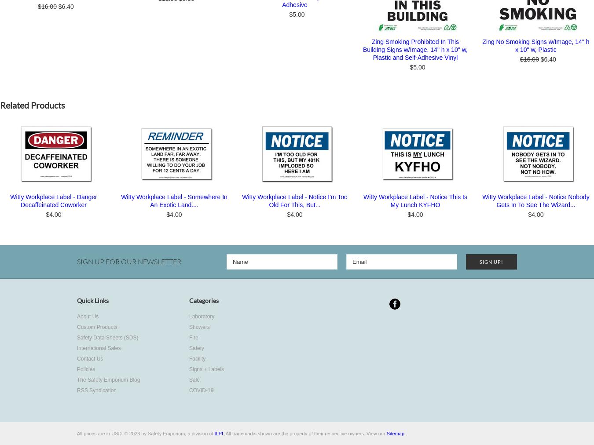  Describe the element at coordinates (294, 201) in the screenshot. I see `'Witty Workplace Label - Notice I'm Too Old For This, But...'` at that location.